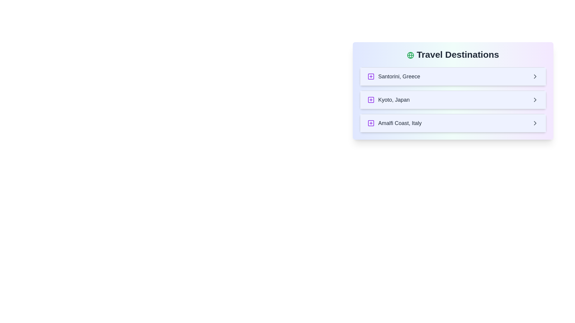 The width and height of the screenshot is (575, 323). Describe the element at coordinates (453, 123) in the screenshot. I see `the third list item under 'Travel Destinations' that provides access to details about 'Amalfi Coast, Italy'` at that location.